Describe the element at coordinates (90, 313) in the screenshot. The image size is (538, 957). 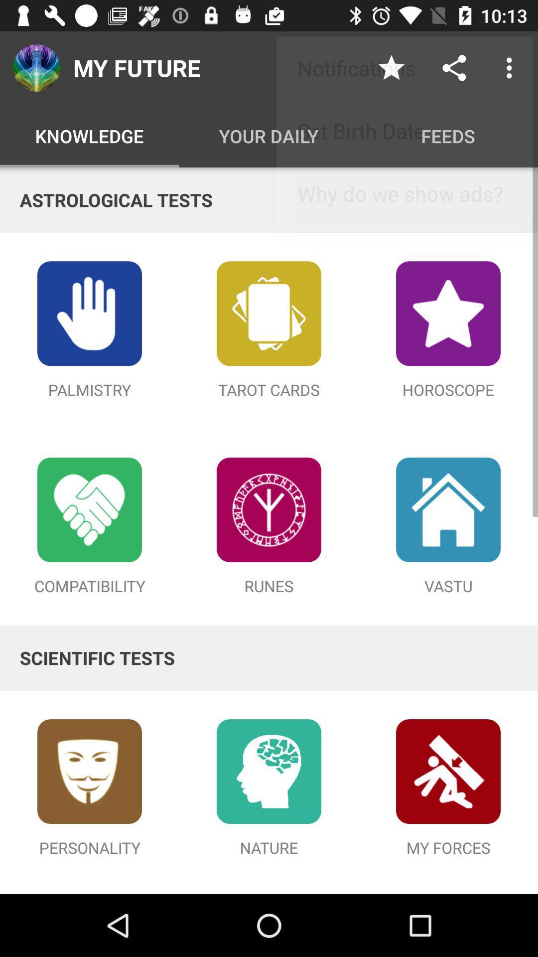
I see `the palmistry icon` at that location.